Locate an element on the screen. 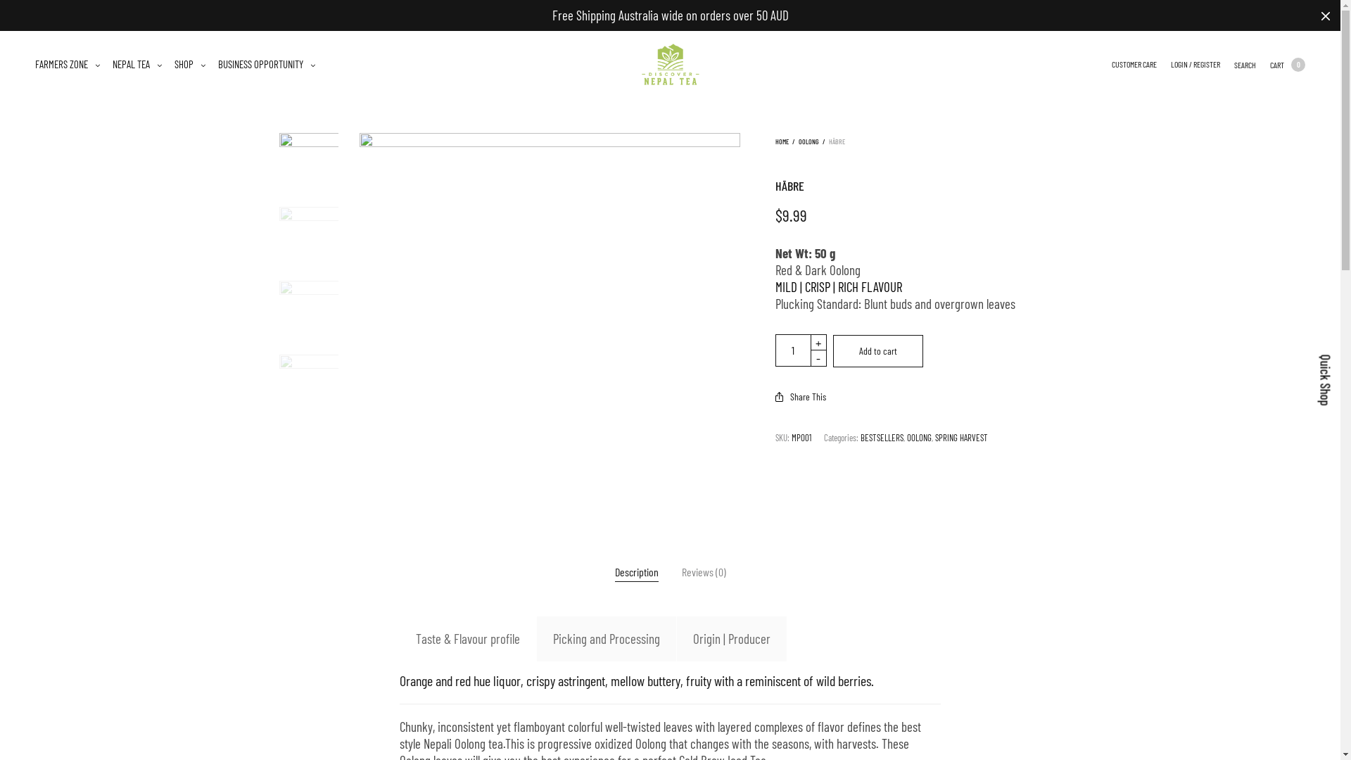 Image resolution: width=1351 pixels, height=760 pixels. 'darkooloong_nepaltea' is located at coordinates (549, 323).